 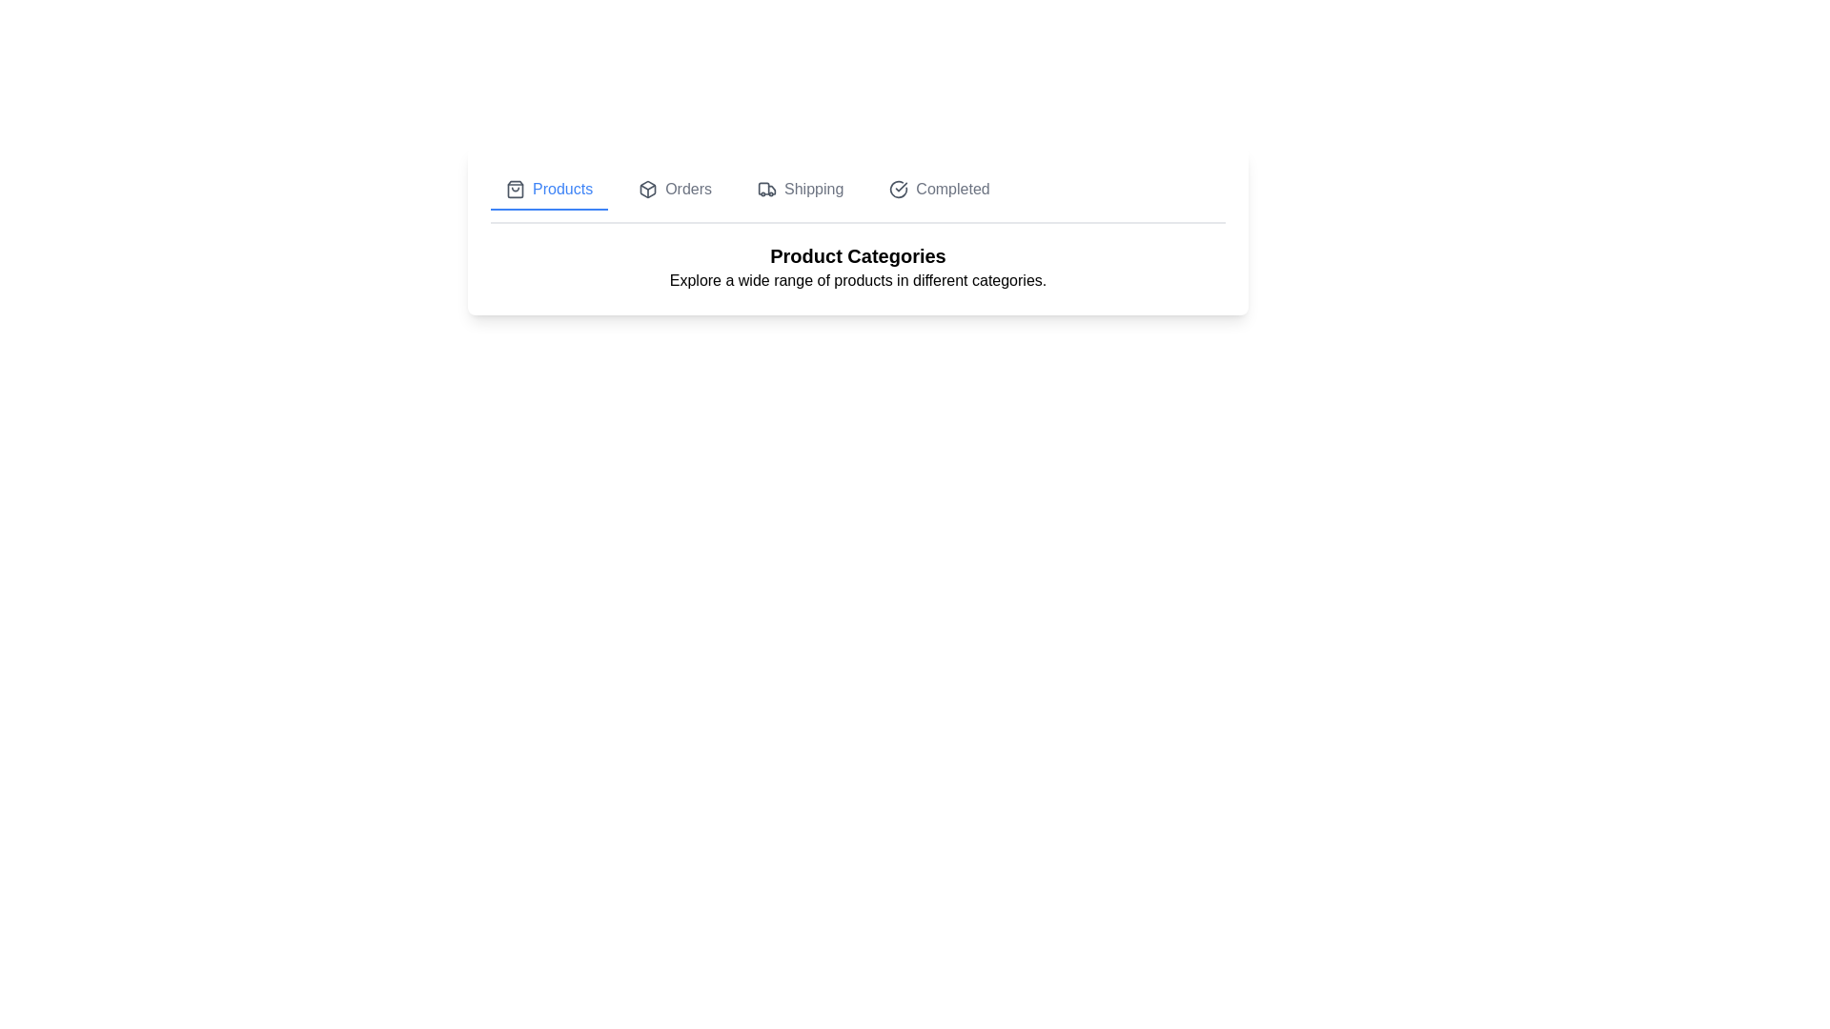 I want to click on the 'Products' text label within the navigation menu at the top center of the application layout, so click(x=561, y=190).